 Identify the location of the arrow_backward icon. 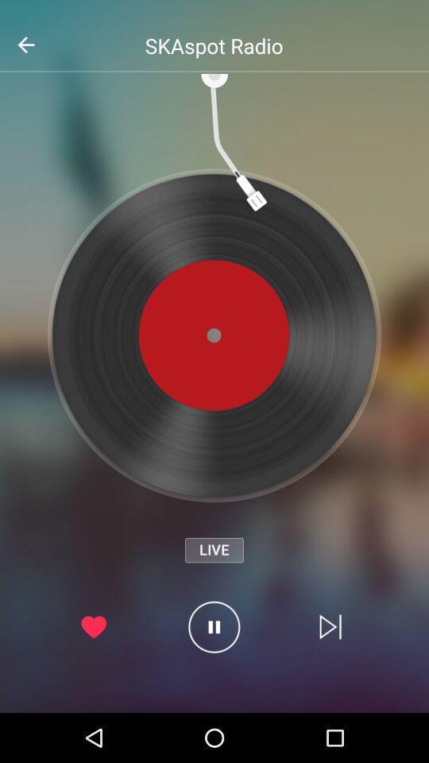
(25, 44).